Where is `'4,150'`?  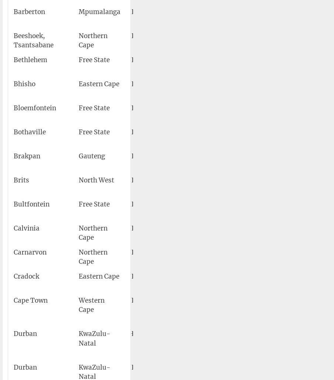 '4,150' is located at coordinates (318, 252).